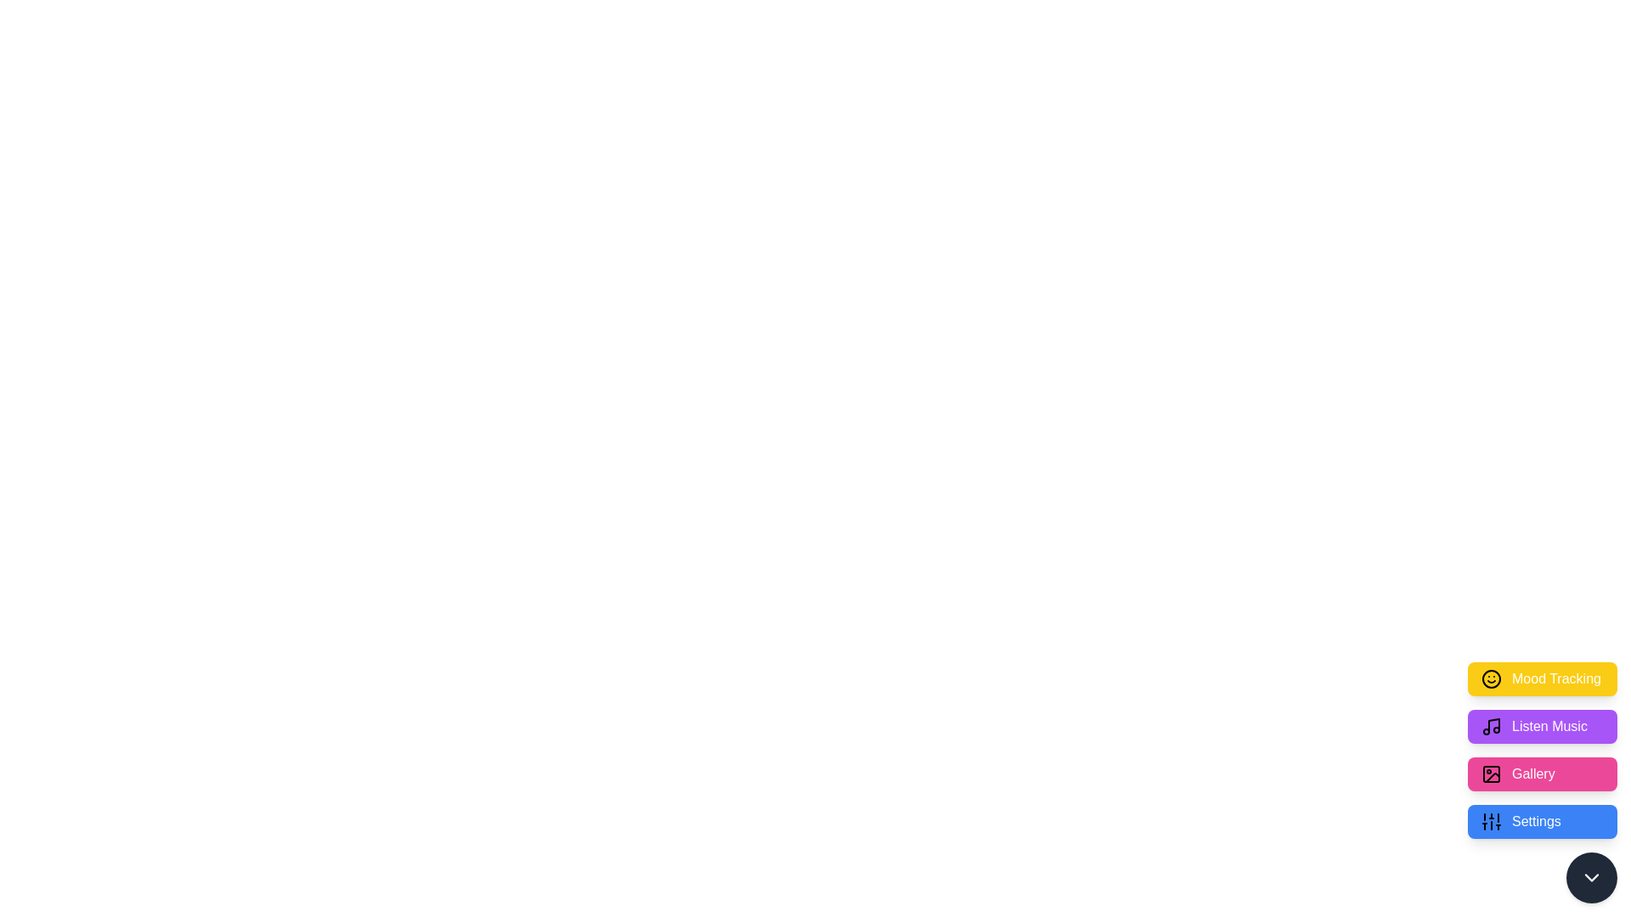  Describe the element at coordinates (1542, 821) in the screenshot. I see `the 'Settings' button to activate the 'Settings' action` at that location.